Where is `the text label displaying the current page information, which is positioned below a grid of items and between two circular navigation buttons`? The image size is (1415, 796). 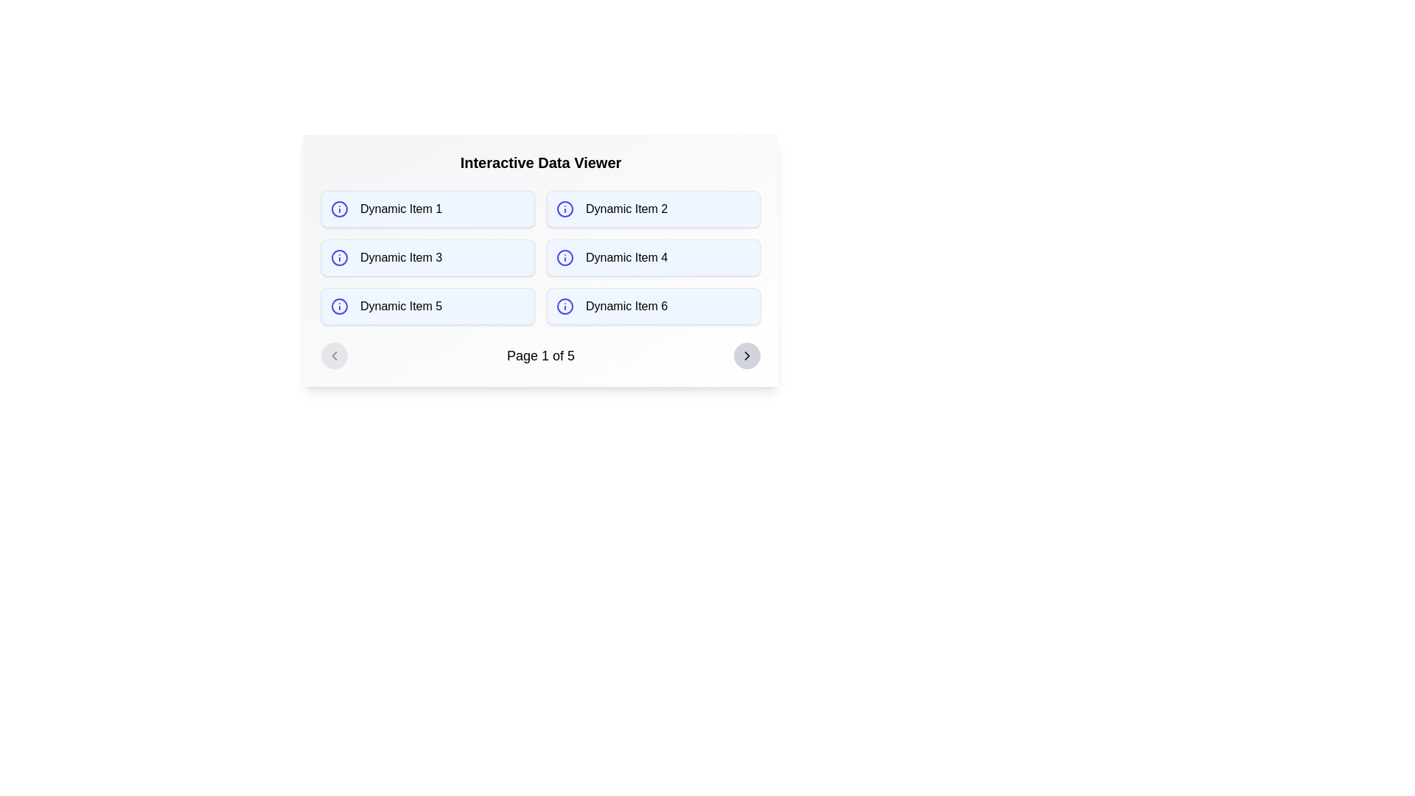 the text label displaying the current page information, which is positioned below a grid of items and between two circular navigation buttons is located at coordinates (540, 355).